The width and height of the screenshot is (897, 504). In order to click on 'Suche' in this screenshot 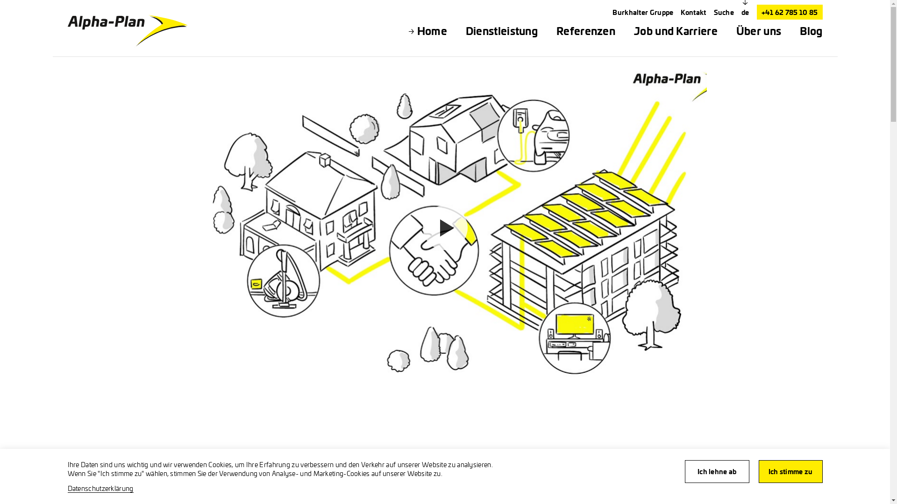, I will do `click(724, 12)`.